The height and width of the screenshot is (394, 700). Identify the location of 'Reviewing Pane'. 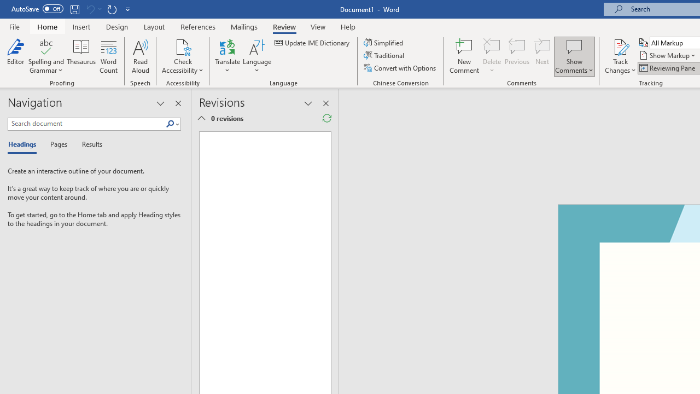
(667, 68).